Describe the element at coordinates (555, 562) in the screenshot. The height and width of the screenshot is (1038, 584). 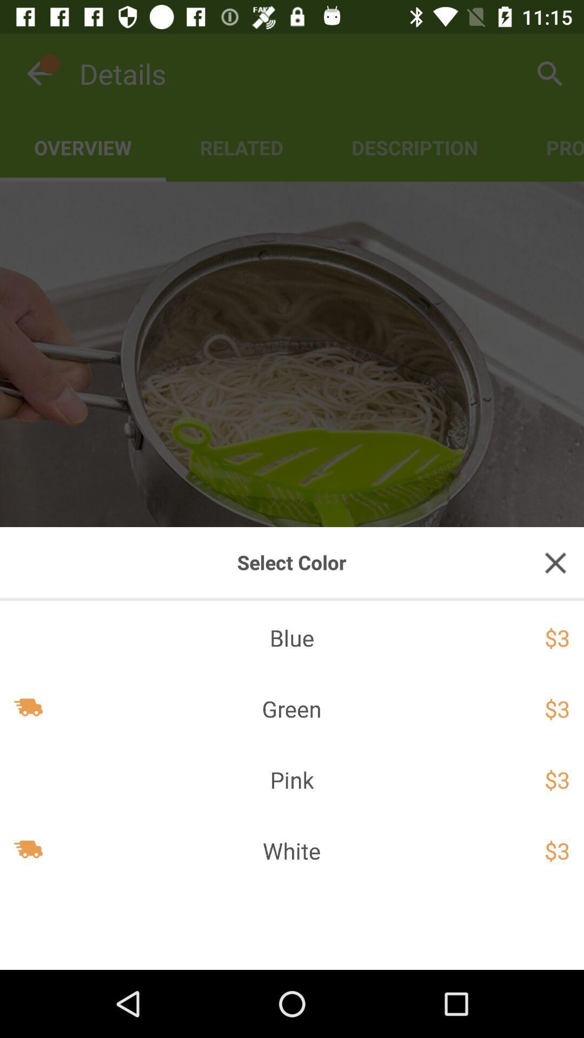
I see `the close icon` at that location.